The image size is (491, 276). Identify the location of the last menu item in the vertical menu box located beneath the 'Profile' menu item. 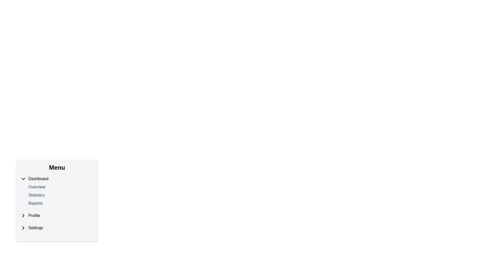
(57, 227).